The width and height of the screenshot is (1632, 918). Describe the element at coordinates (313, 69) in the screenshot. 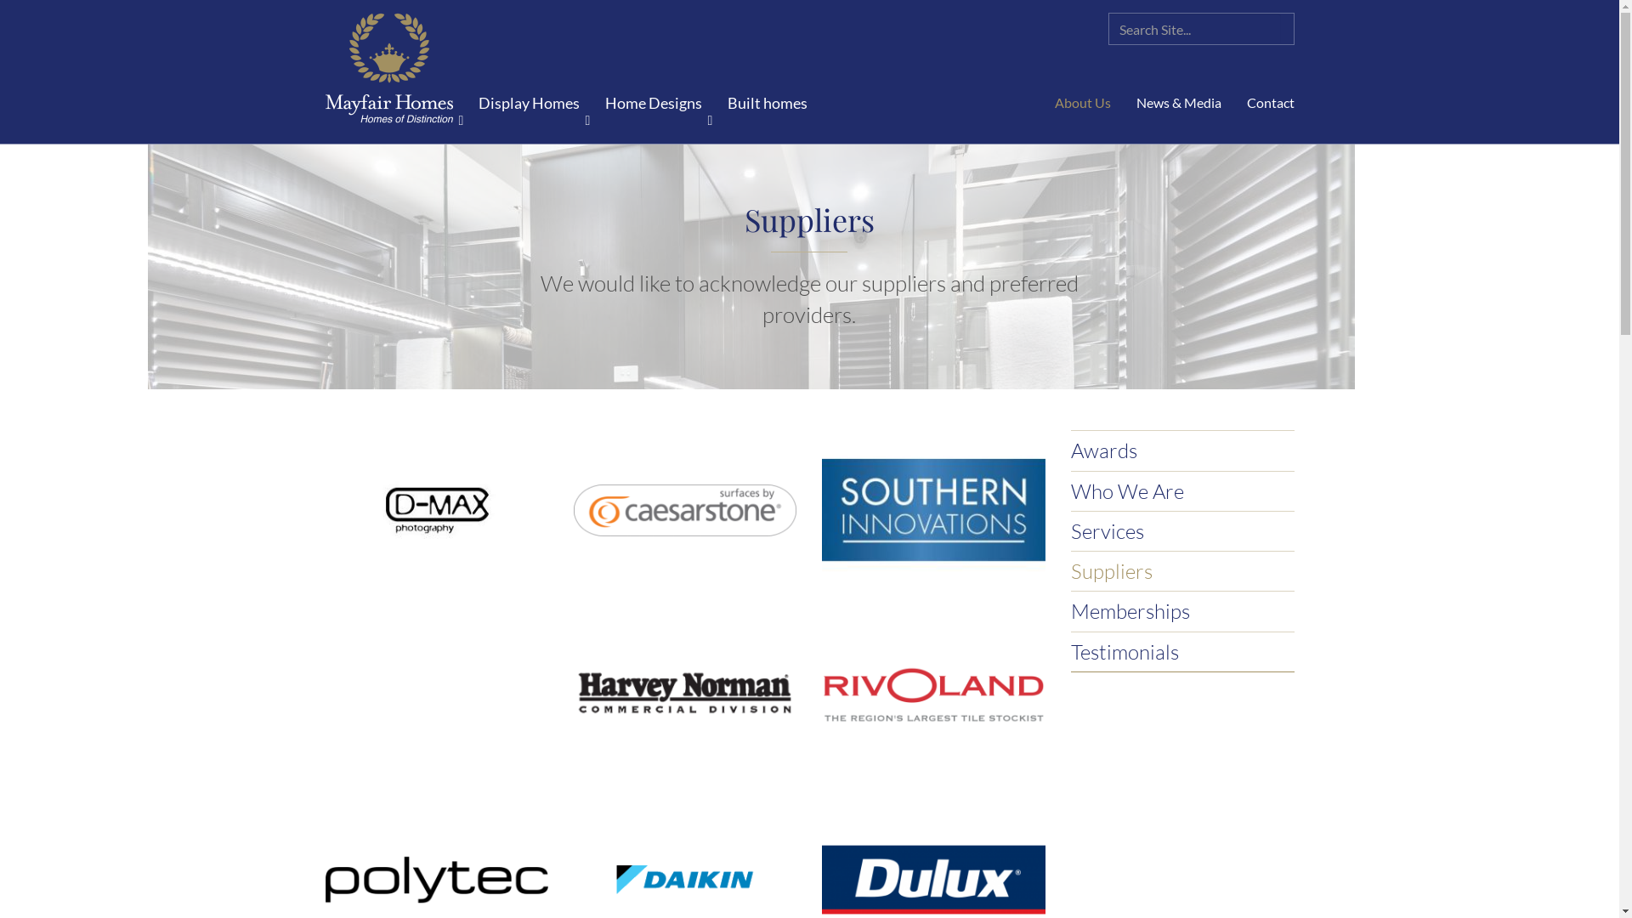

I see `'Mayfair Homes'` at that location.